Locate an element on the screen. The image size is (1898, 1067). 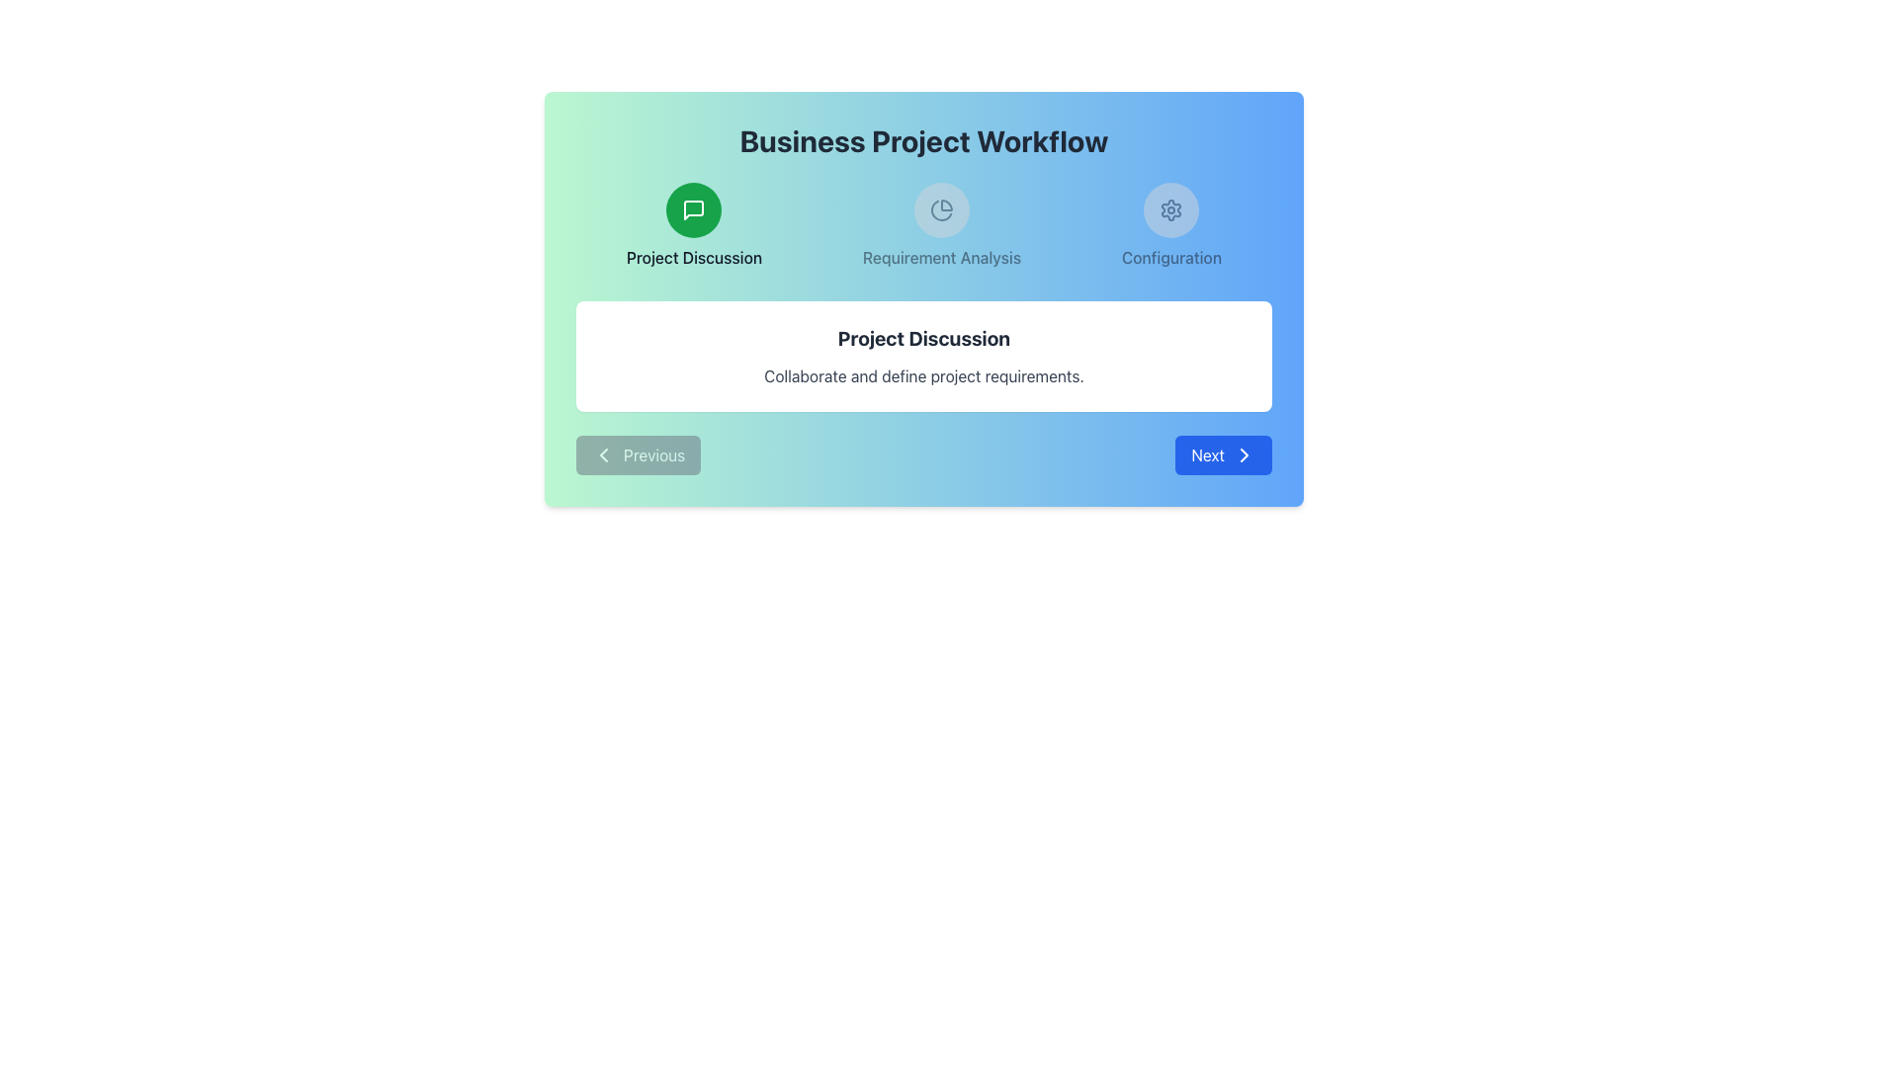
the configuration settings icon located at the top right within the 'Configuration' section of the interface is located at coordinates (1171, 209).